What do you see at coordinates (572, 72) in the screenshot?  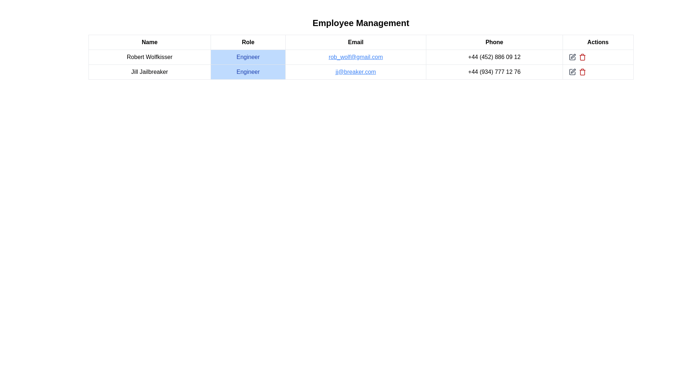 I see `the pencil icon button in the Actions column of the second row` at bounding box center [572, 72].